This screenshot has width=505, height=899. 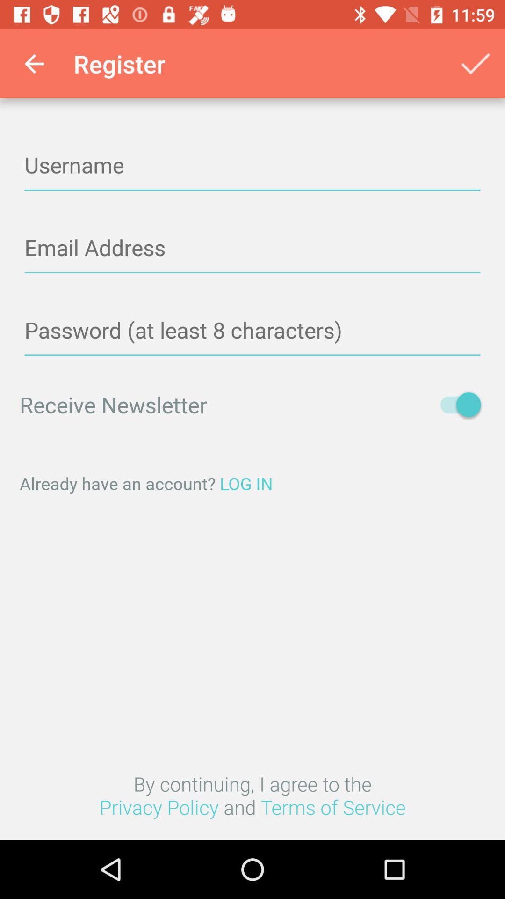 I want to click on item on the right, so click(x=455, y=405).